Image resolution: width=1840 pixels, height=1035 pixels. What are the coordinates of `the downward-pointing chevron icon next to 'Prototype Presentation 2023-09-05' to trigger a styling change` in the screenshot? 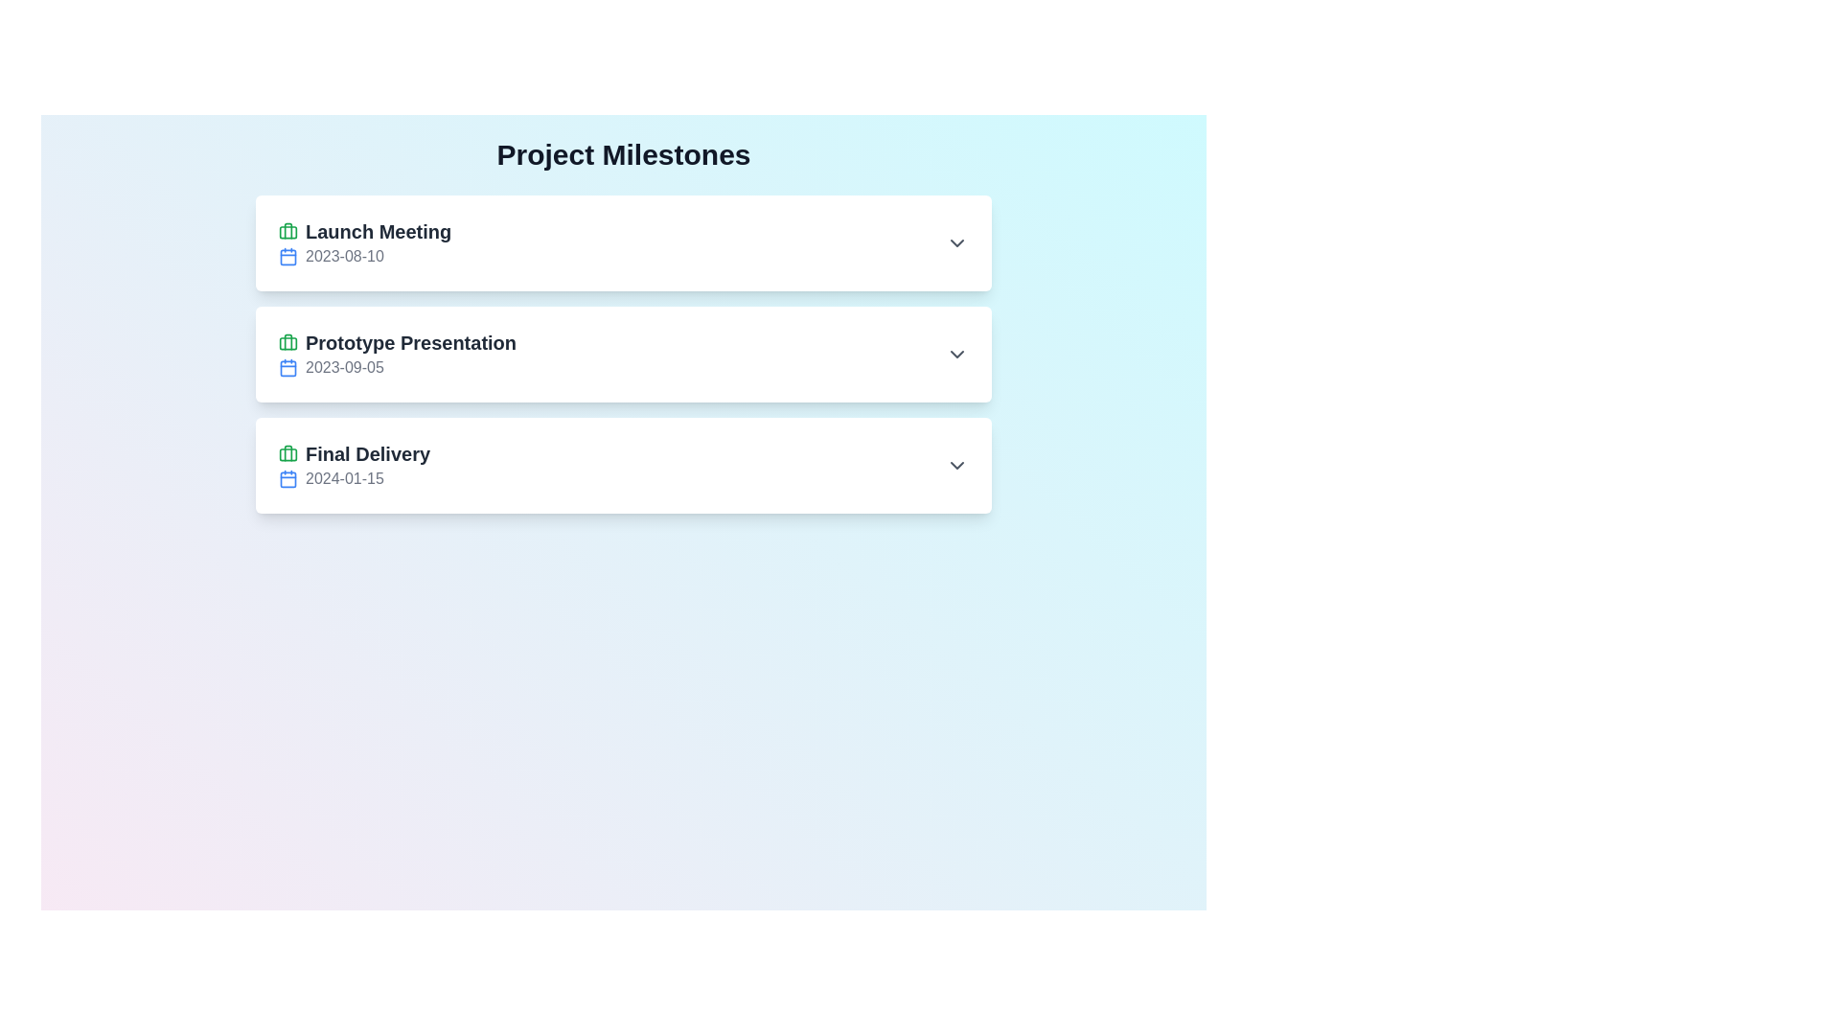 It's located at (956, 355).